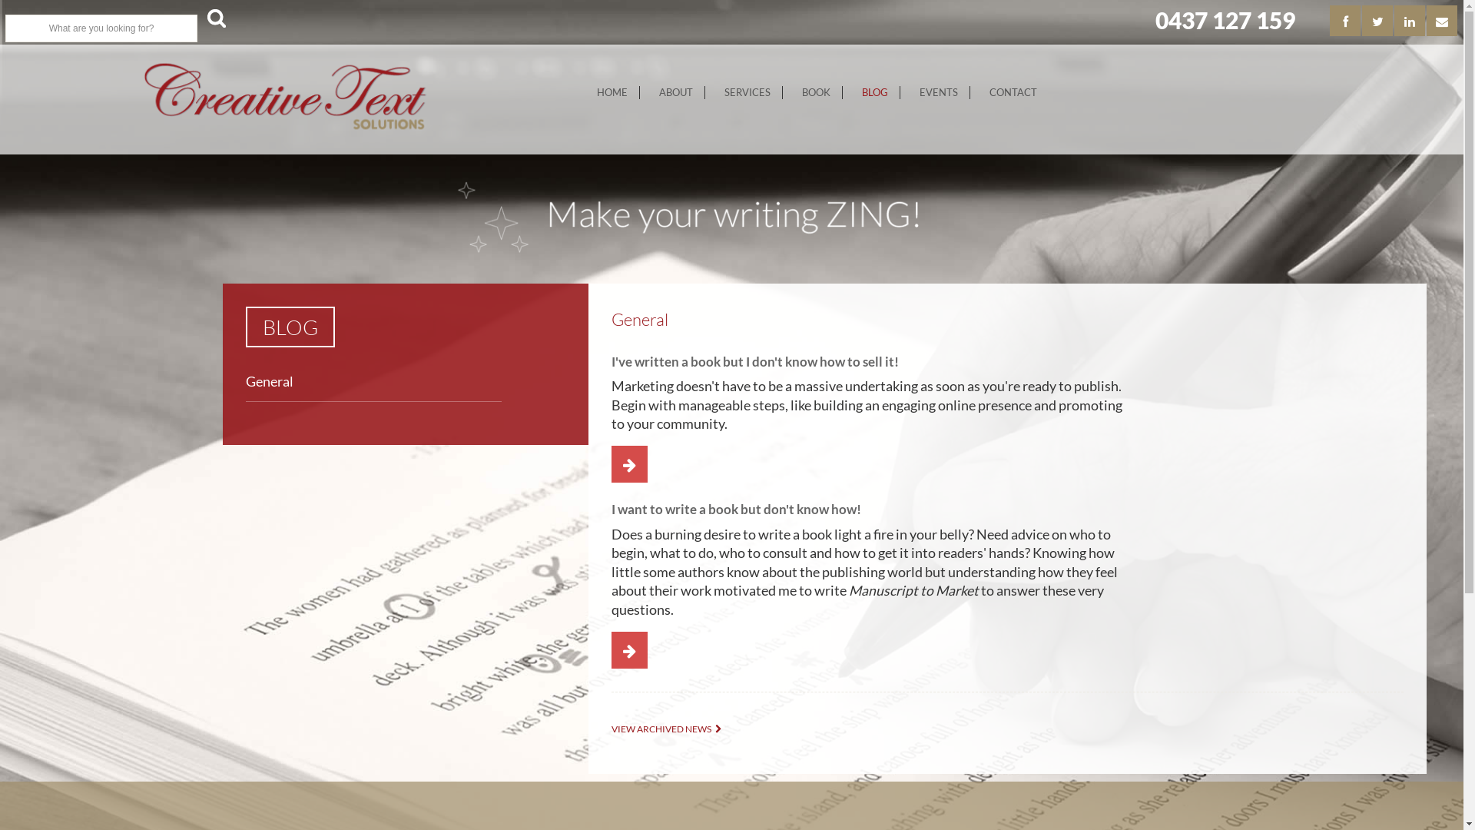 This screenshot has height=830, width=1475. What do you see at coordinates (735, 509) in the screenshot?
I see `'I want to write a book but don't know how!'` at bounding box center [735, 509].